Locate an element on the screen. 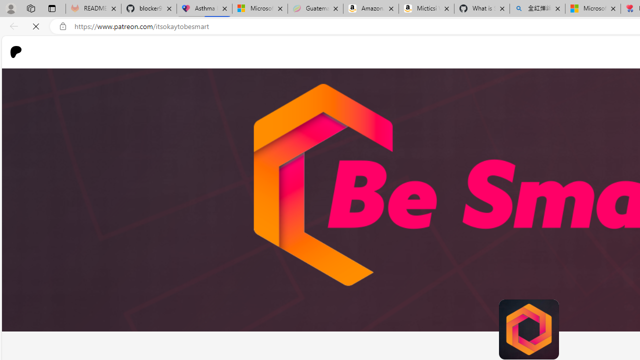 This screenshot has width=640, height=360. 'Go to home page' is located at coordinates (20, 52).